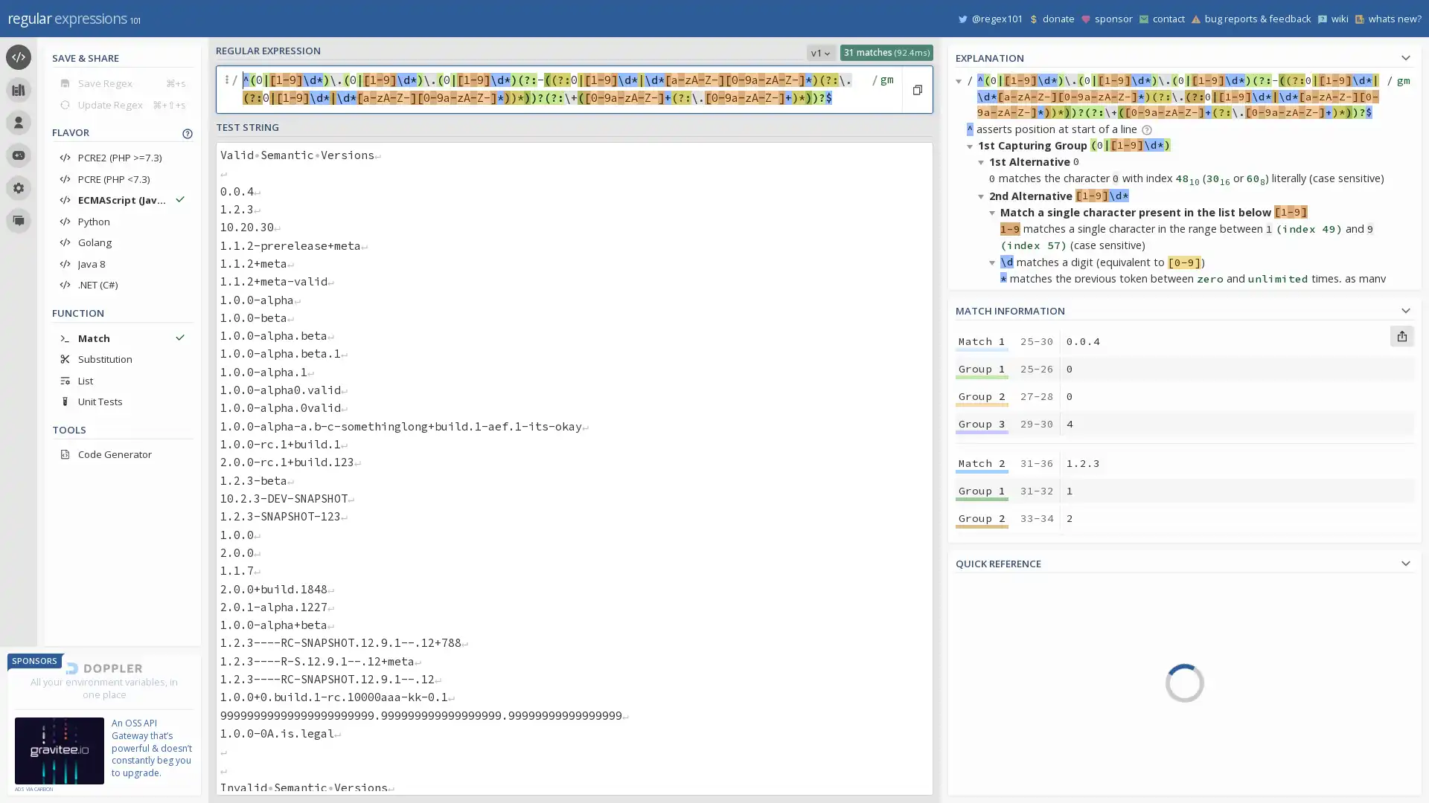 This screenshot has height=803, width=1429. I want to click on Select Regex Version, so click(820, 51).